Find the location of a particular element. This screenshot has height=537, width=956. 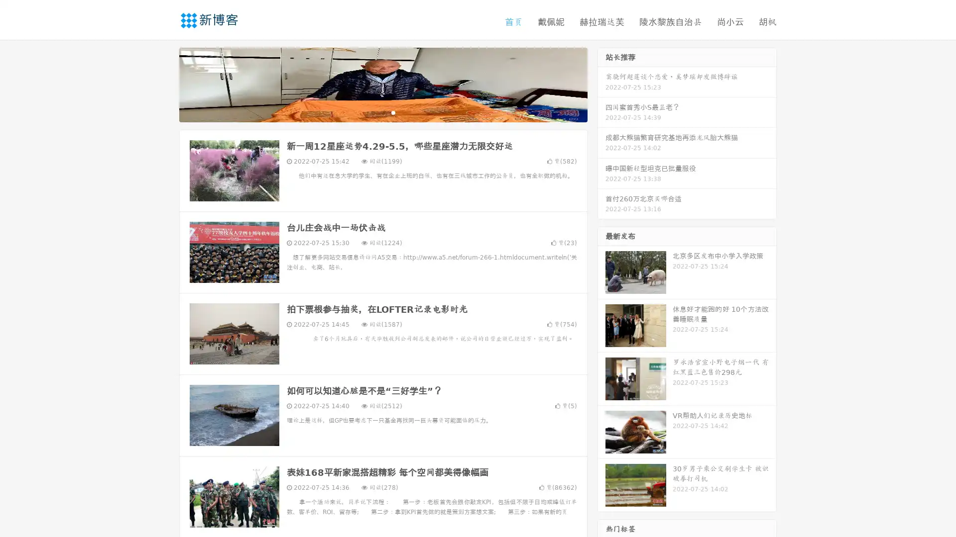

Next slide is located at coordinates (601, 84).